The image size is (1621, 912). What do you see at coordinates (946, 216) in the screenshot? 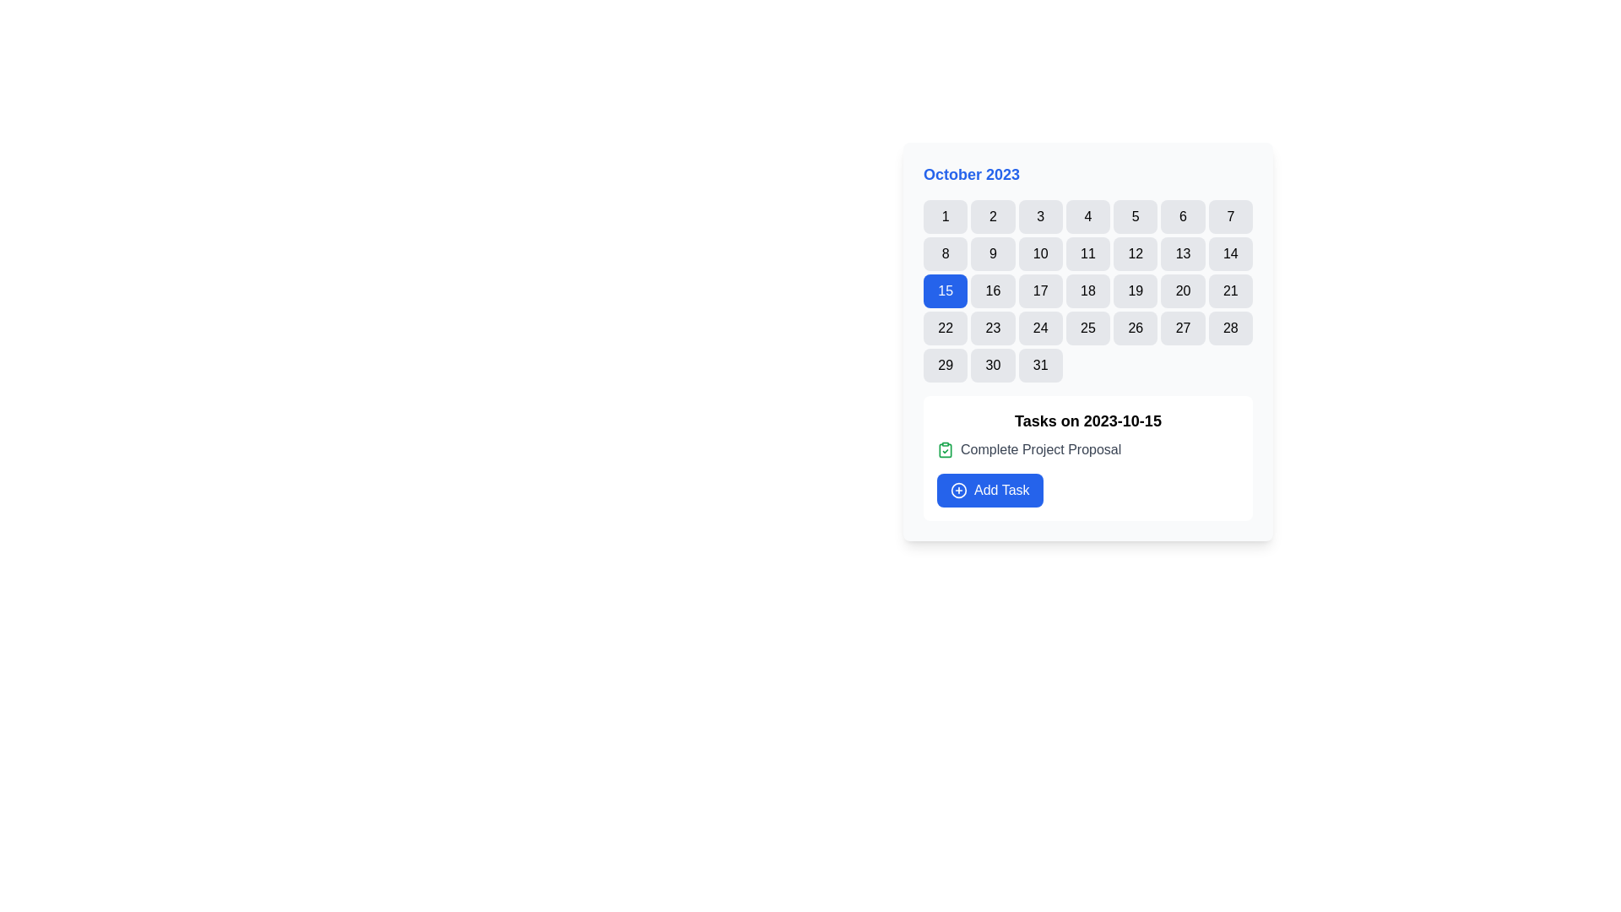
I see `the first day button of October 2023 in the calendar` at bounding box center [946, 216].